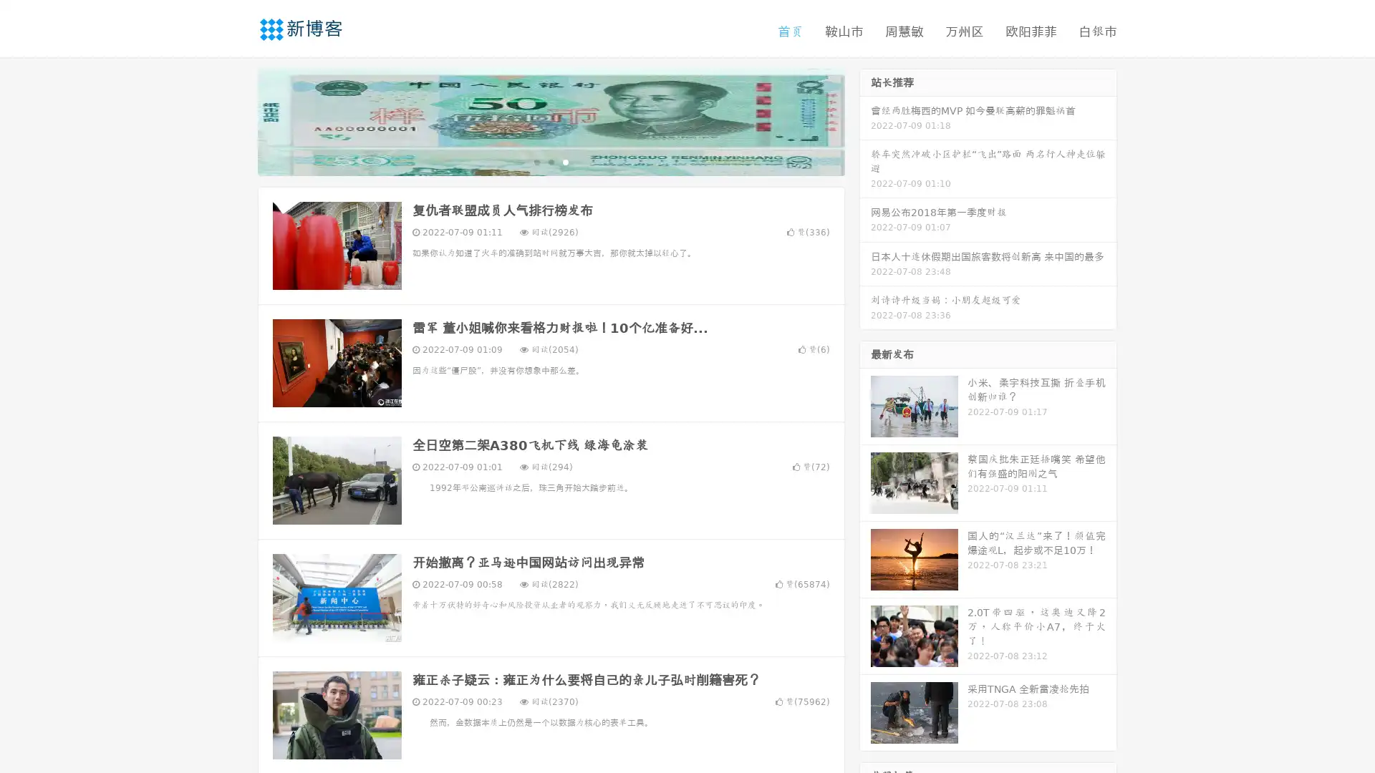  What do you see at coordinates (565, 161) in the screenshot?
I see `Go to slide 3` at bounding box center [565, 161].